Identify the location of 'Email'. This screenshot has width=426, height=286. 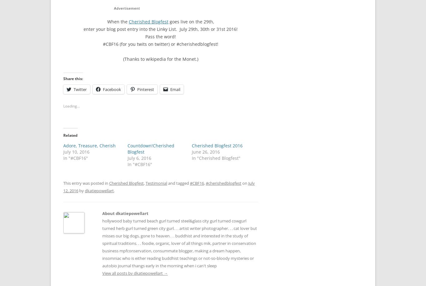
(170, 89).